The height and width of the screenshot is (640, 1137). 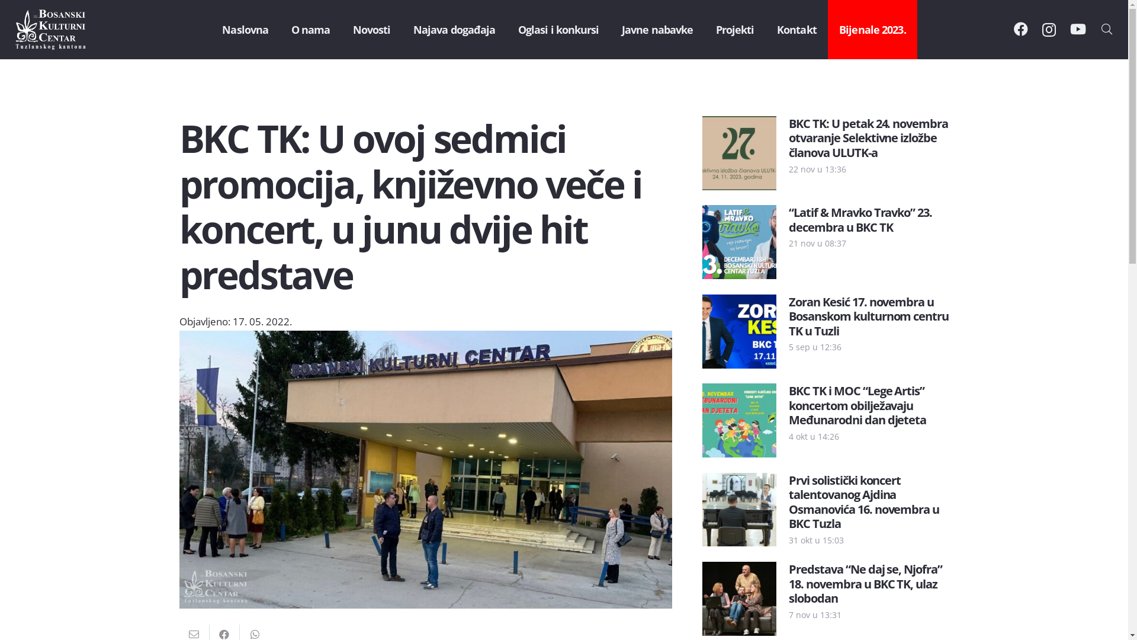 What do you see at coordinates (558, 29) in the screenshot?
I see `'Oglasi i konkursi'` at bounding box center [558, 29].